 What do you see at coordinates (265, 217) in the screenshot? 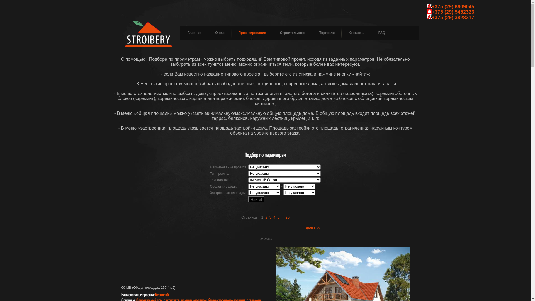
I see `'2'` at bounding box center [265, 217].